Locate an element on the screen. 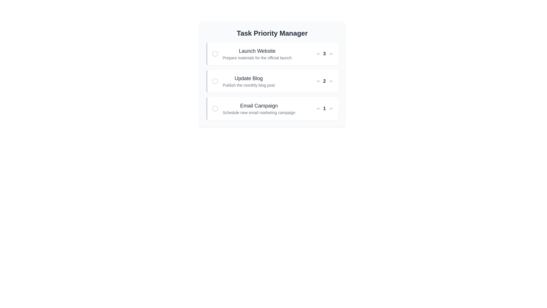 Image resolution: width=547 pixels, height=308 pixels. the downward-pointing chevron icon styled with a gray color scheme located beside the number '2' in the 'Update Blog' task block is located at coordinates (318, 81).